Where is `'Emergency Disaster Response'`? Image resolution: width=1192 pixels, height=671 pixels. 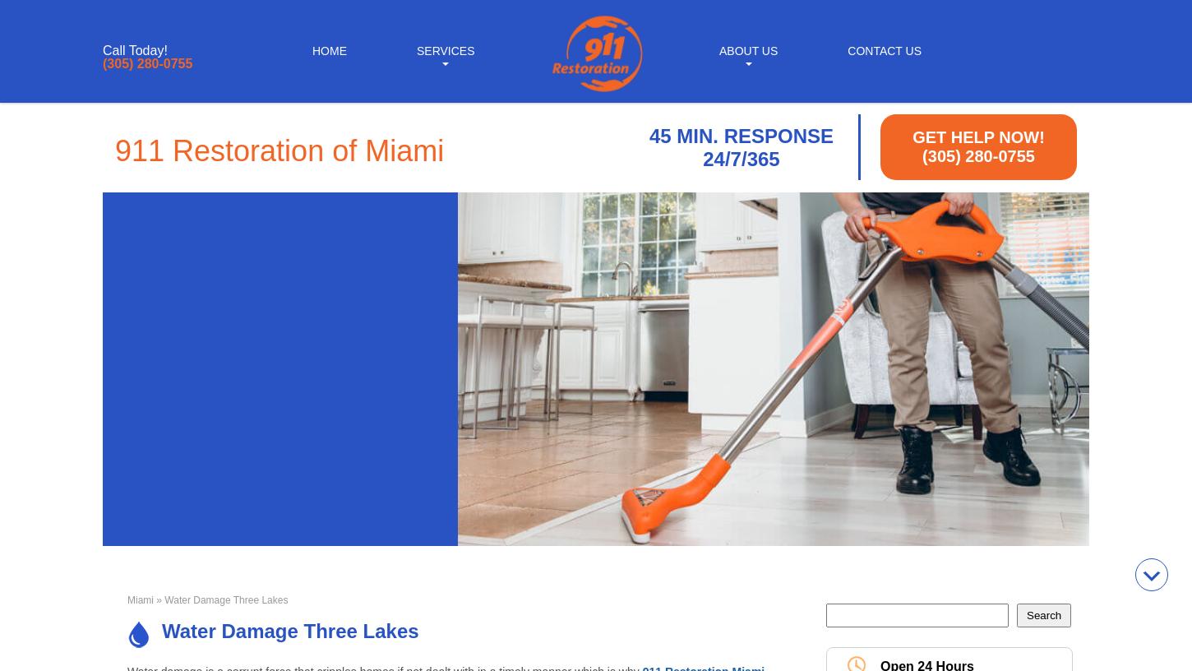
'Emergency Disaster Response' is located at coordinates (746, 247).